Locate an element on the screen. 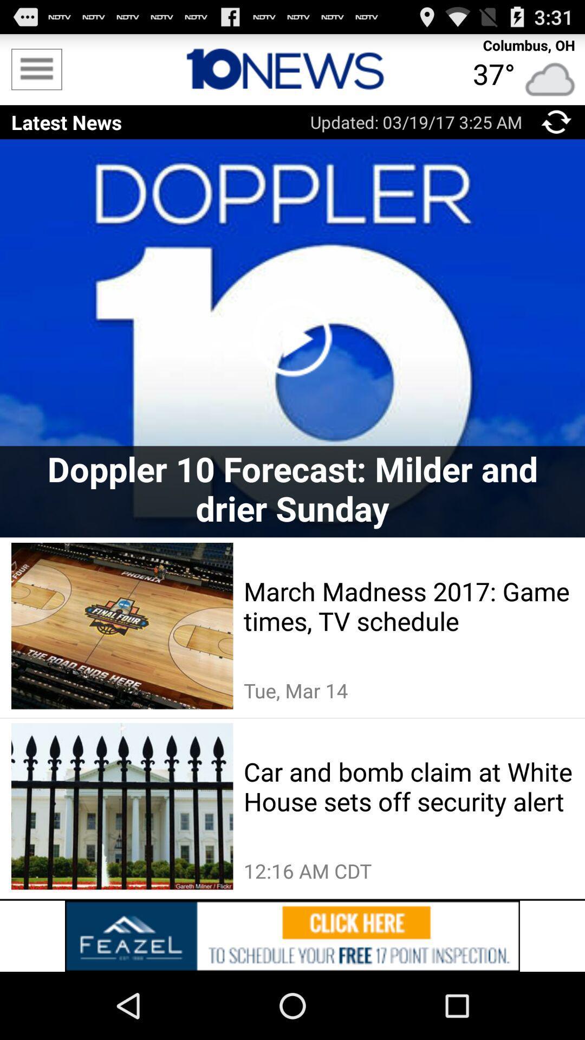 The width and height of the screenshot is (585, 1040). advertisement is located at coordinates (292, 69).